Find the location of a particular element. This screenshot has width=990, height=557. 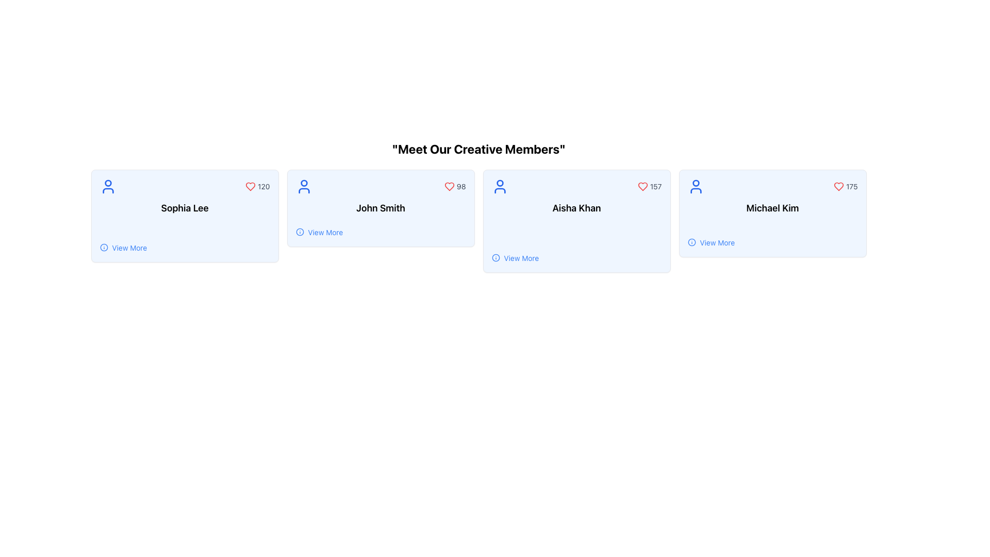

the decorative SVG graphical element located at the top left of the user card labeled 'John Smith', specifically centered in the head of the icon is located at coordinates (303, 183).